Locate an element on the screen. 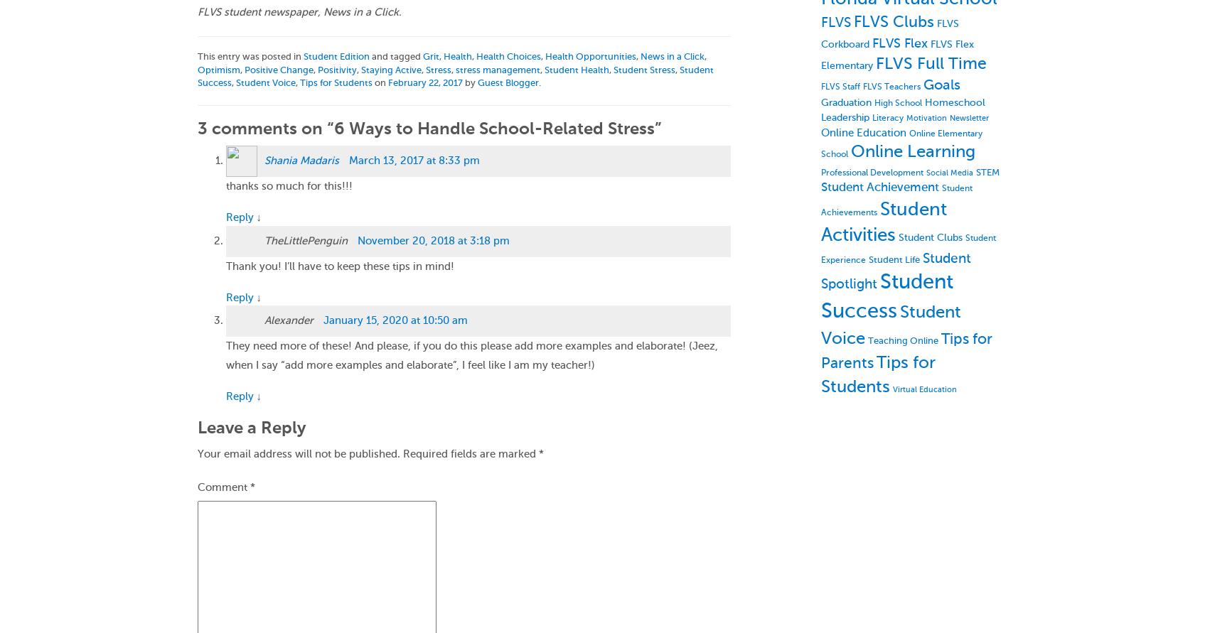 The width and height of the screenshot is (1205, 633). 'Student Achievements' is located at coordinates (896, 199).